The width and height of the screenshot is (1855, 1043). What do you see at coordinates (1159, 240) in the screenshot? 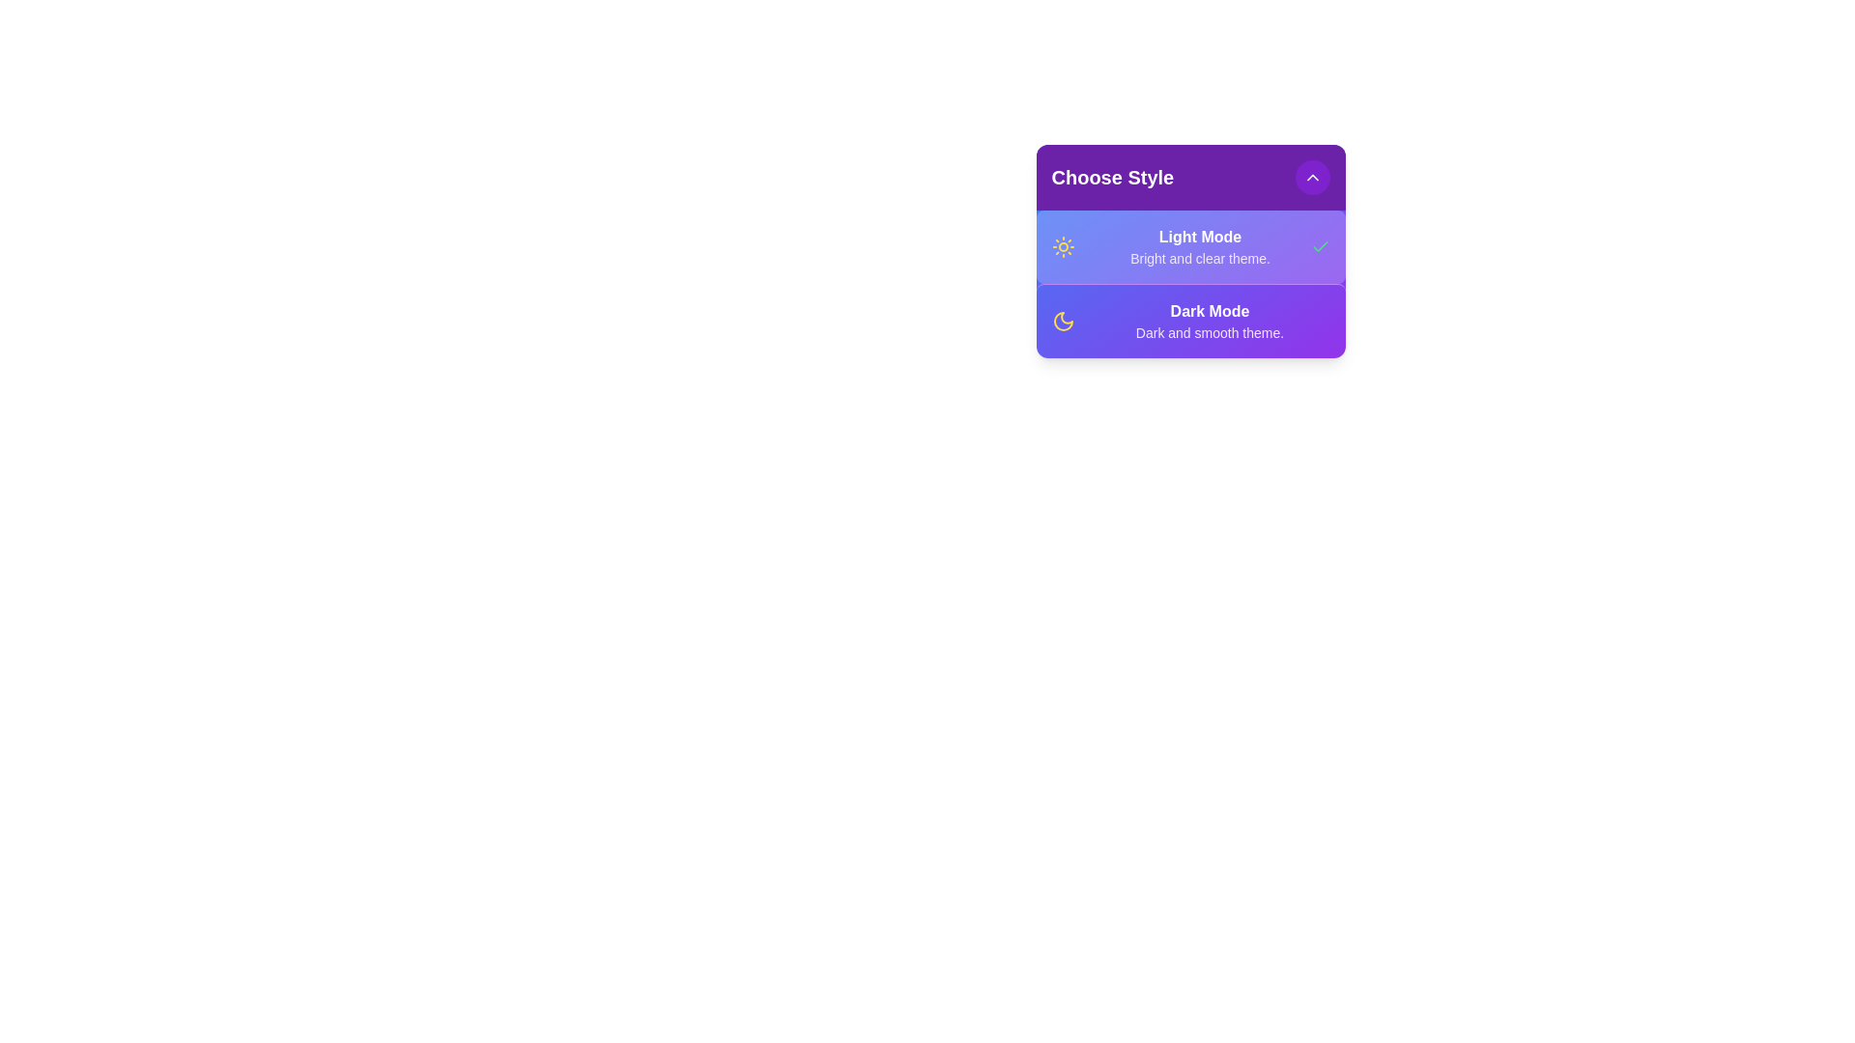
I see `the style option Light Mode from the list` at bounding box center [1159, 240].